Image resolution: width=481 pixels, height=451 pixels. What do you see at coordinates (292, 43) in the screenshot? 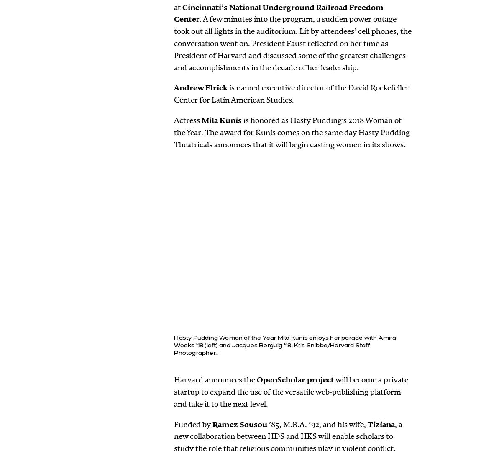
I see `'r. A few minutes into the program, a sudden power outage took out all lights in the auditorium. Lit by attendees’ cell phones, the conversation went on. President Faust reflected on her time as President of Harvard and discussed some of the greatest challenges and accomplishments in the decade of her leadership.'` at bounding box center [292, 43].